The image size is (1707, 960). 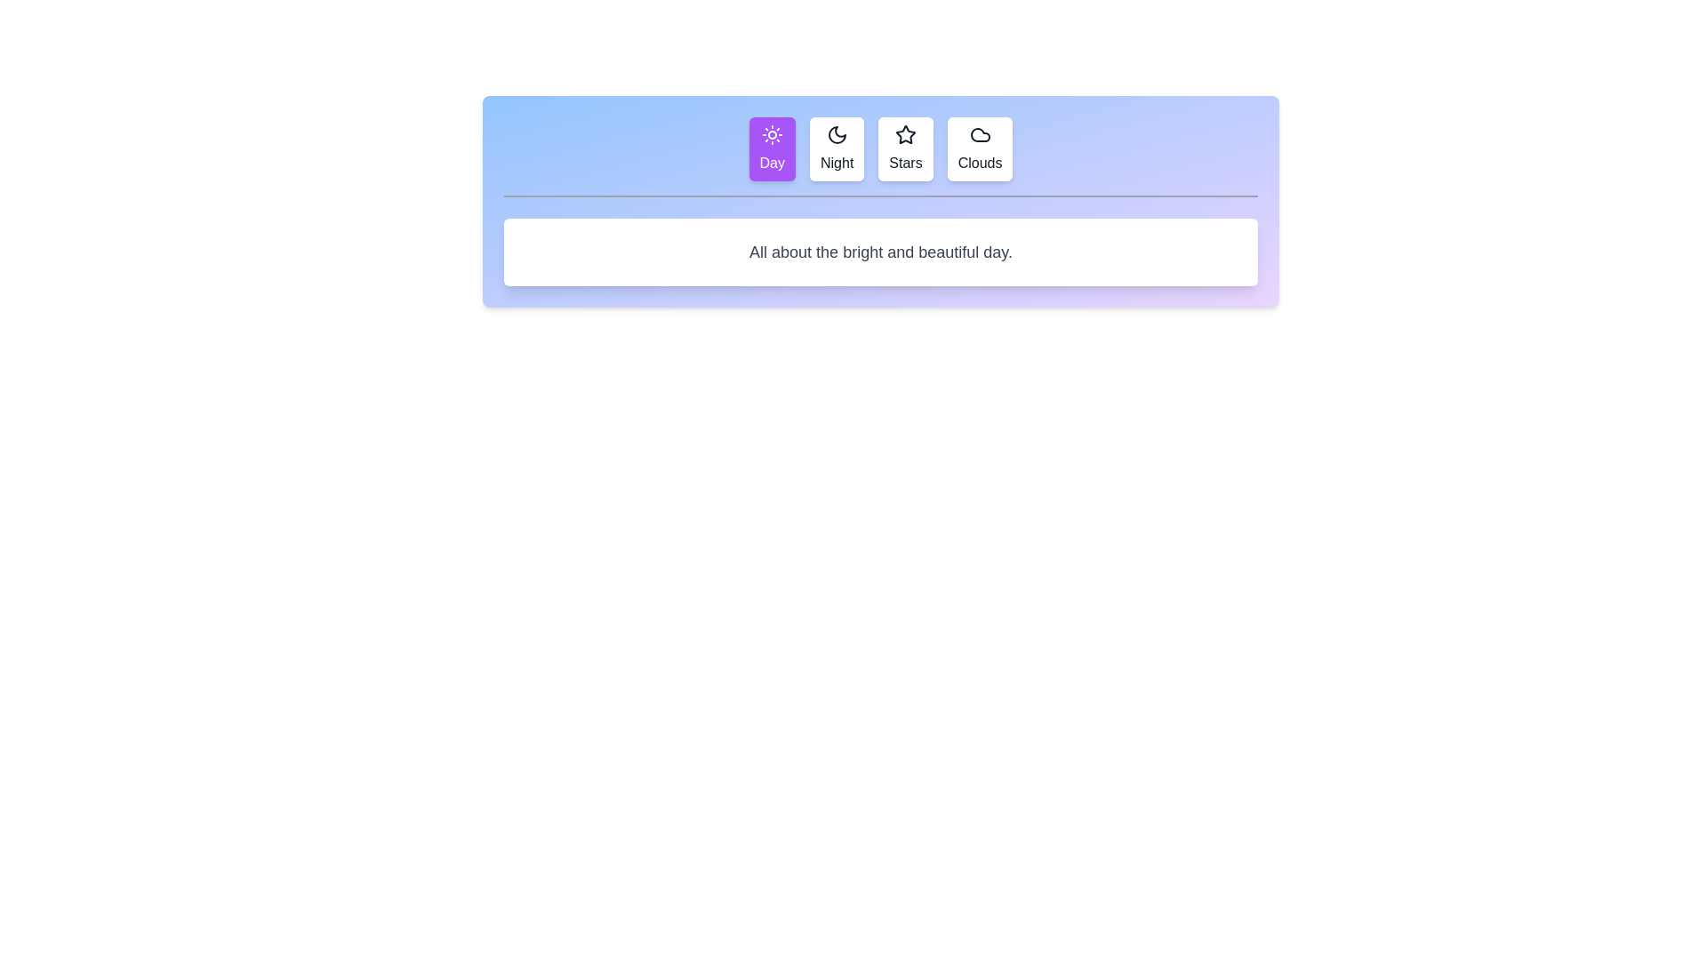 I want to click on the tab labeled Night, so click(x=836, y=148).